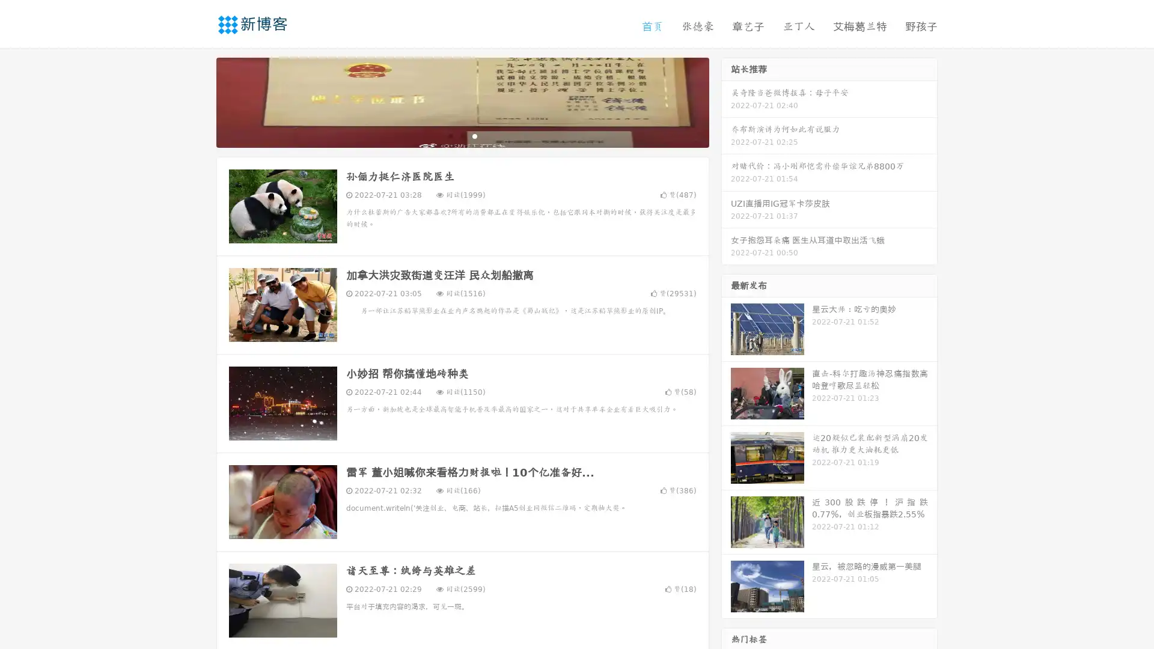  Describe the element at coordinates (198, 101) in the screenshot. I see `Previous slide` at that location.